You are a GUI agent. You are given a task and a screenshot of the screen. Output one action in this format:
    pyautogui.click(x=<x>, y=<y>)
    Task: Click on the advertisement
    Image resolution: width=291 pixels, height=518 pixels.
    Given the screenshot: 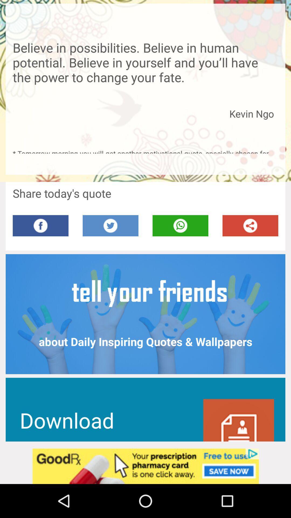 What is the action you would take?
    pyautogui.click(x=145, y=466)
    